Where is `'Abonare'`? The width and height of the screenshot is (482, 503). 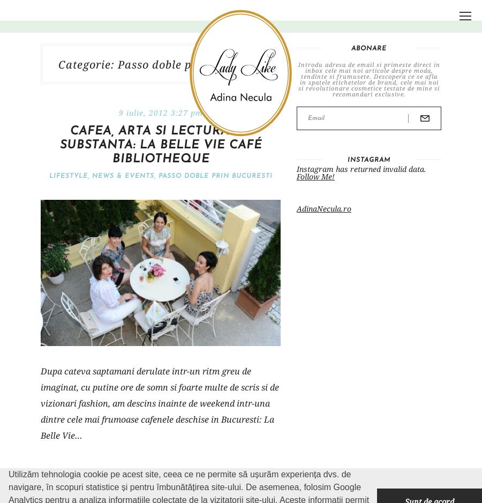
'Abonare' is located at coordinates (368, 48).